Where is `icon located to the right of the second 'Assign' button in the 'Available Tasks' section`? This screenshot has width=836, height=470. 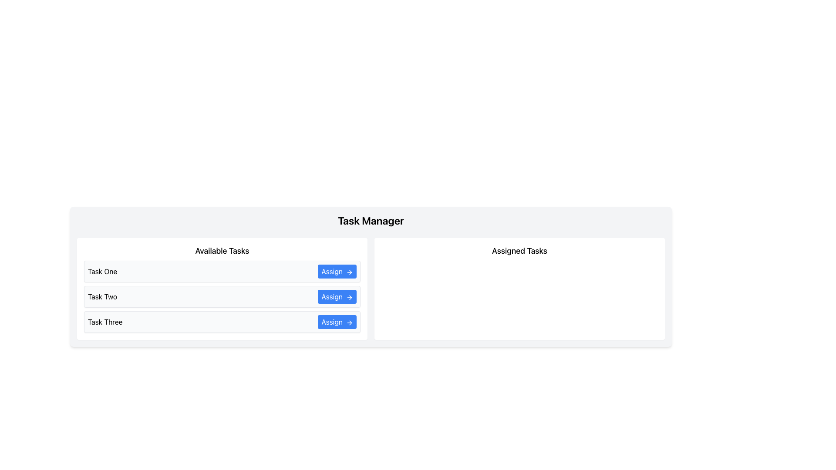
icon located to the right of the second 'Assign' button in the 'Available Tasks' section is located at coordinates (351, 297).